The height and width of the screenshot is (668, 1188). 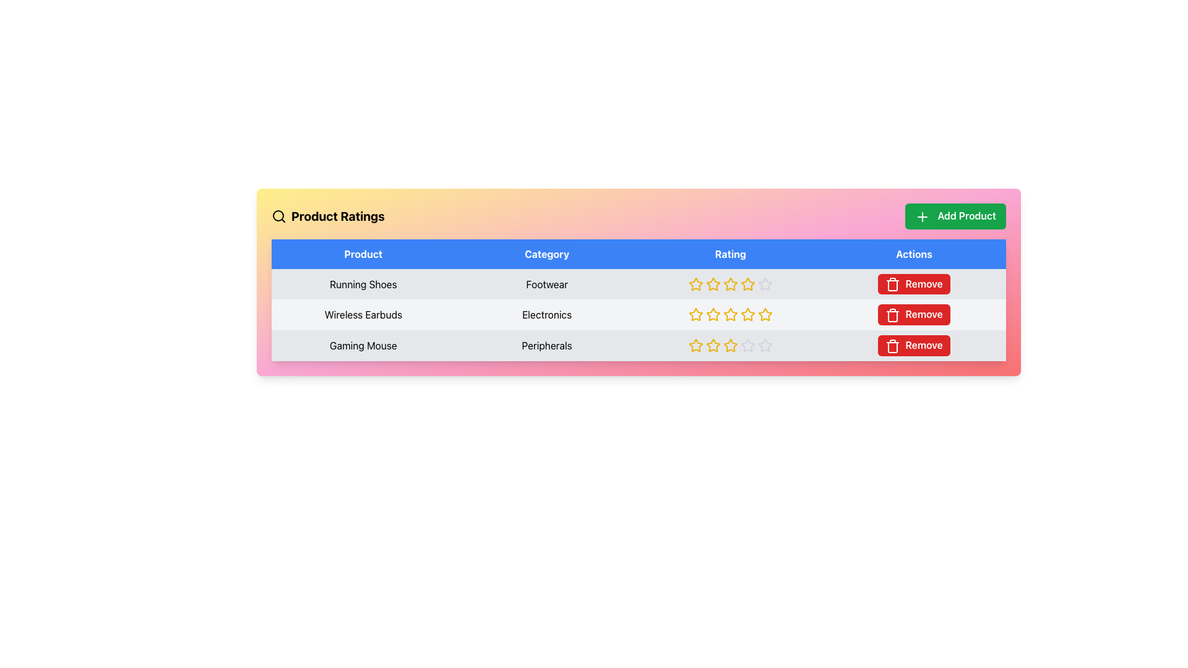 What do you see at coordinates (713, 284) in the screenshot?
I see `the second star icon in the ratings table for the 'Running Shoes' product` at bounding box center [713, 284].